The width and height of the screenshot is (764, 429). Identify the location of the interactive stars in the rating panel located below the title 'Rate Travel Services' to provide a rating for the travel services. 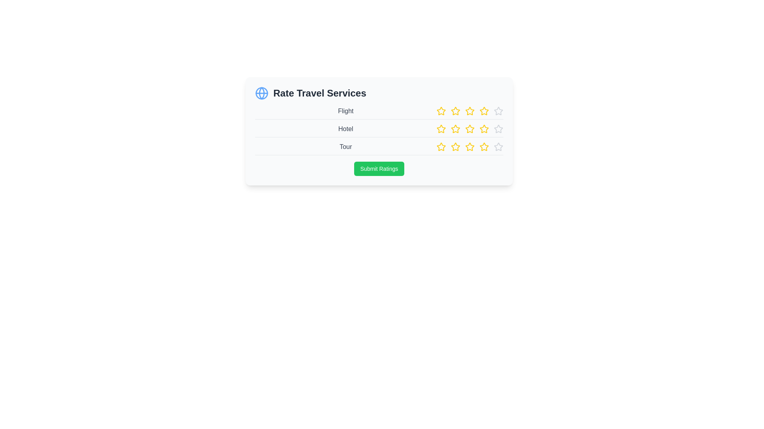
(379, 131).